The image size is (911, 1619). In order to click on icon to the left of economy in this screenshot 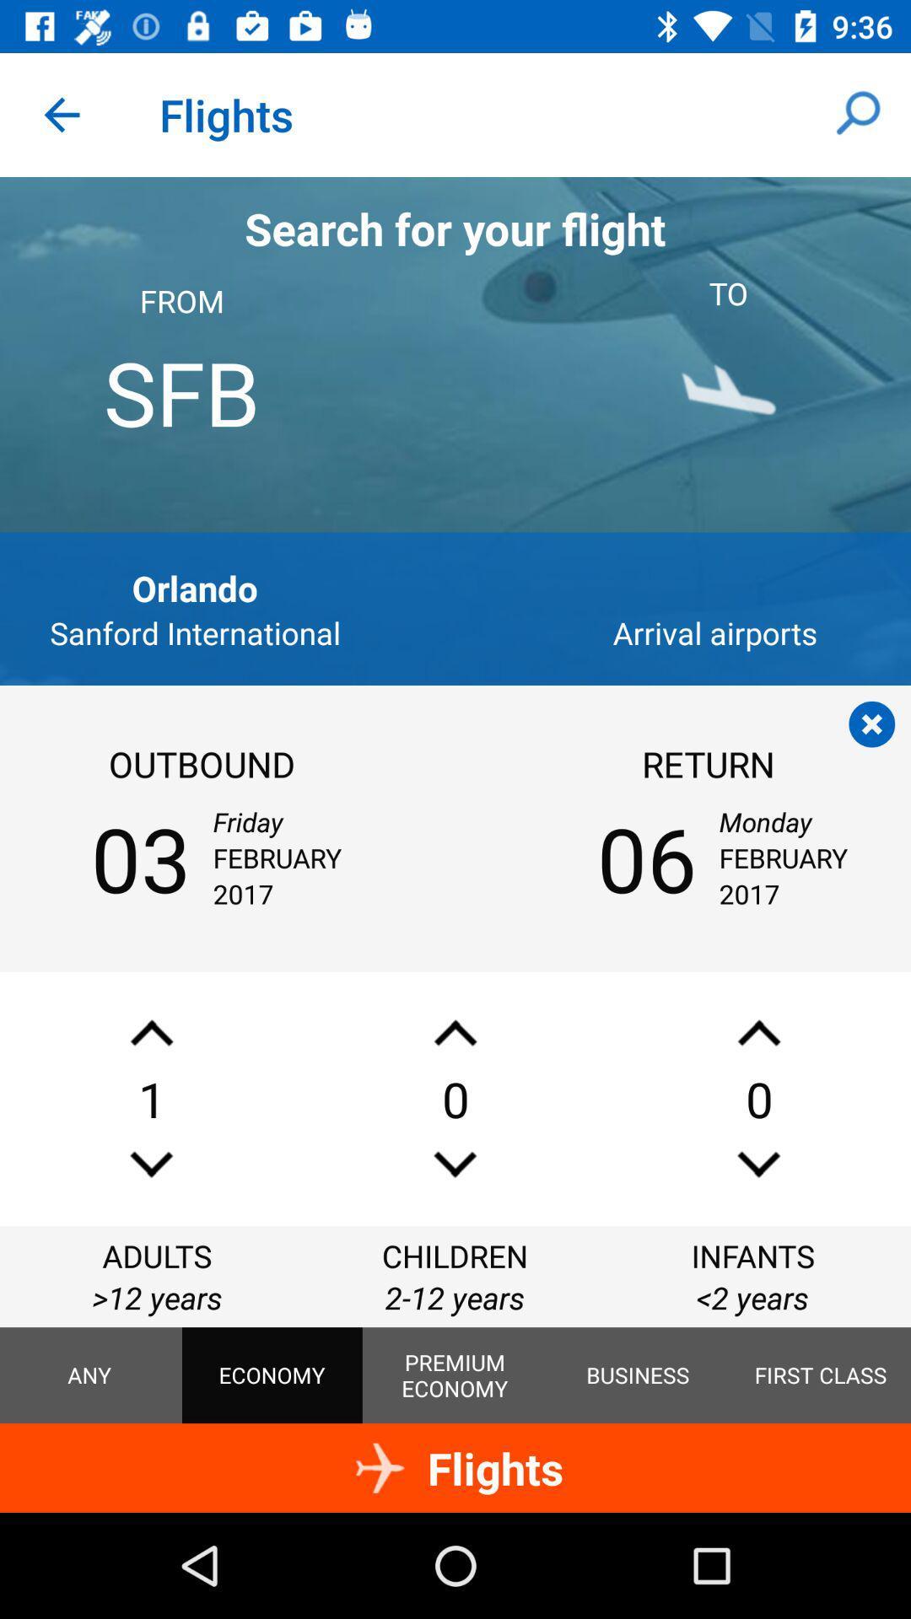, I will do `click(89, 1375)`.